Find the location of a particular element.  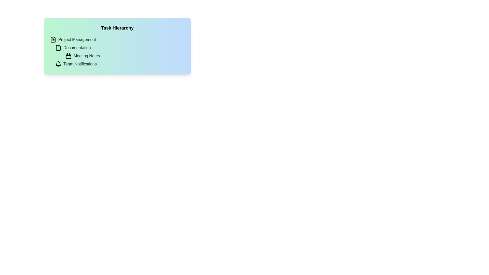

the 'Meeting Notes' text label, which is the third item in the vertical list of categories under the 'Task Hierarchy' section is located at coordinates (87, 56).